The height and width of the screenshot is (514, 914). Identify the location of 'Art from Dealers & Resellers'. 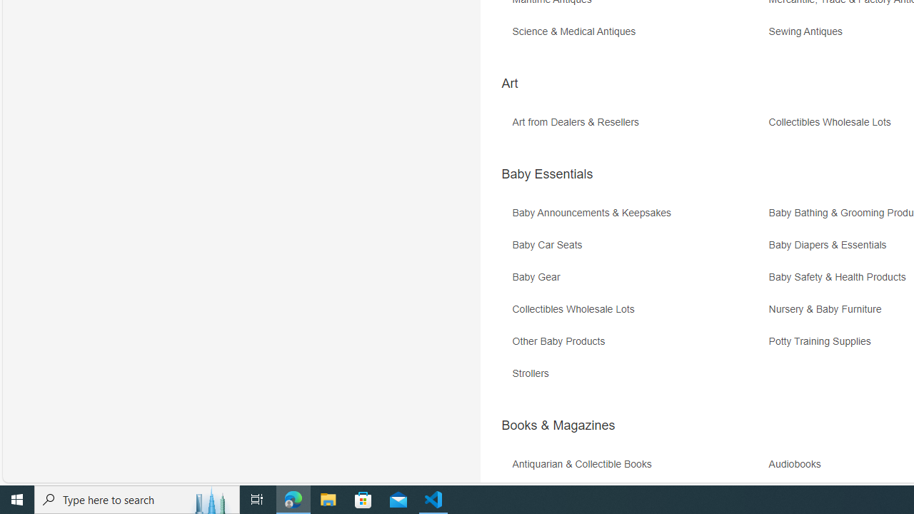
(638, 126).